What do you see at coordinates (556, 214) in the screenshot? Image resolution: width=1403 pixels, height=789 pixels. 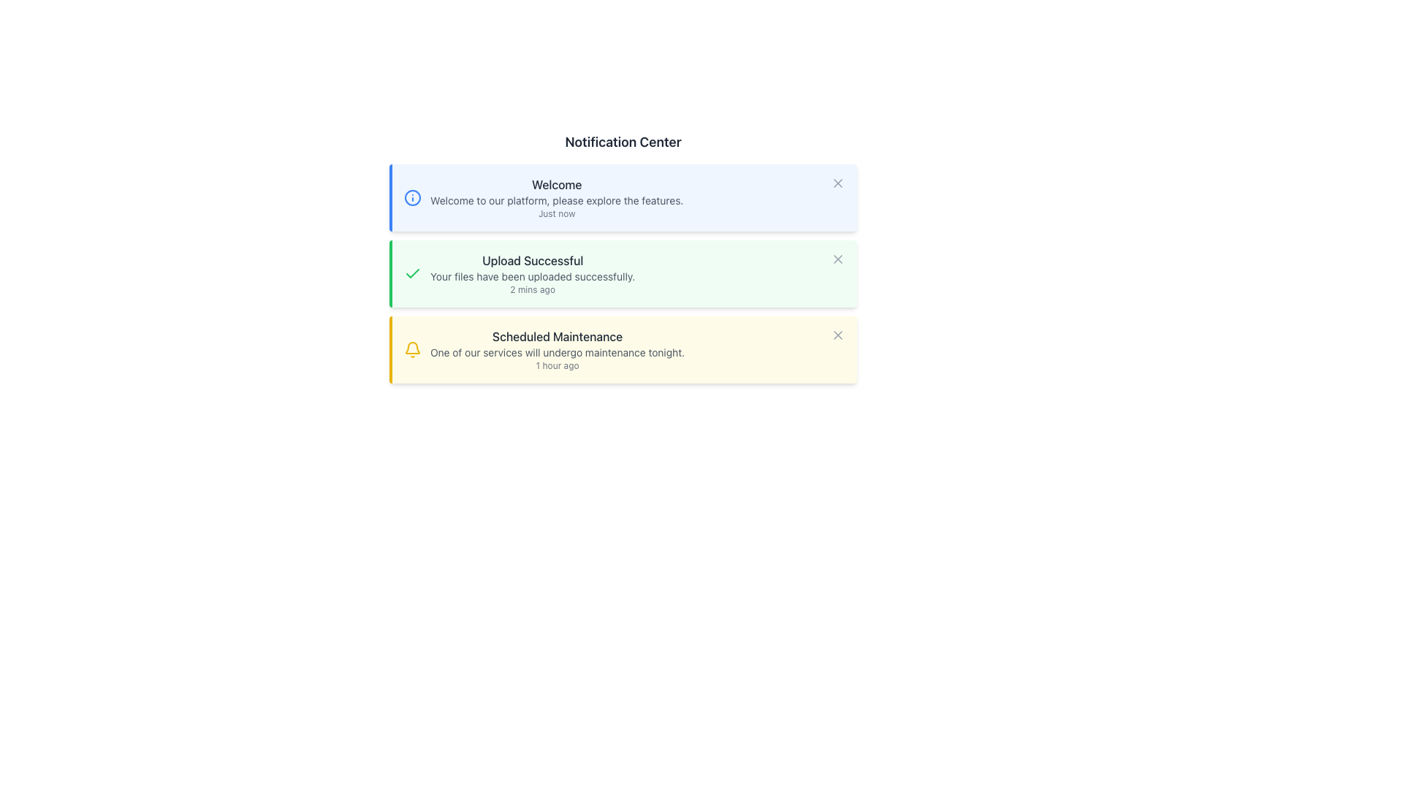 I see `the static text element that indicates the timestamp of the notification, located at the bottom-right of the first notification card, underneath the description text 'Welcome to our platform, please explore the features.'` at bounding box center [556, 214].